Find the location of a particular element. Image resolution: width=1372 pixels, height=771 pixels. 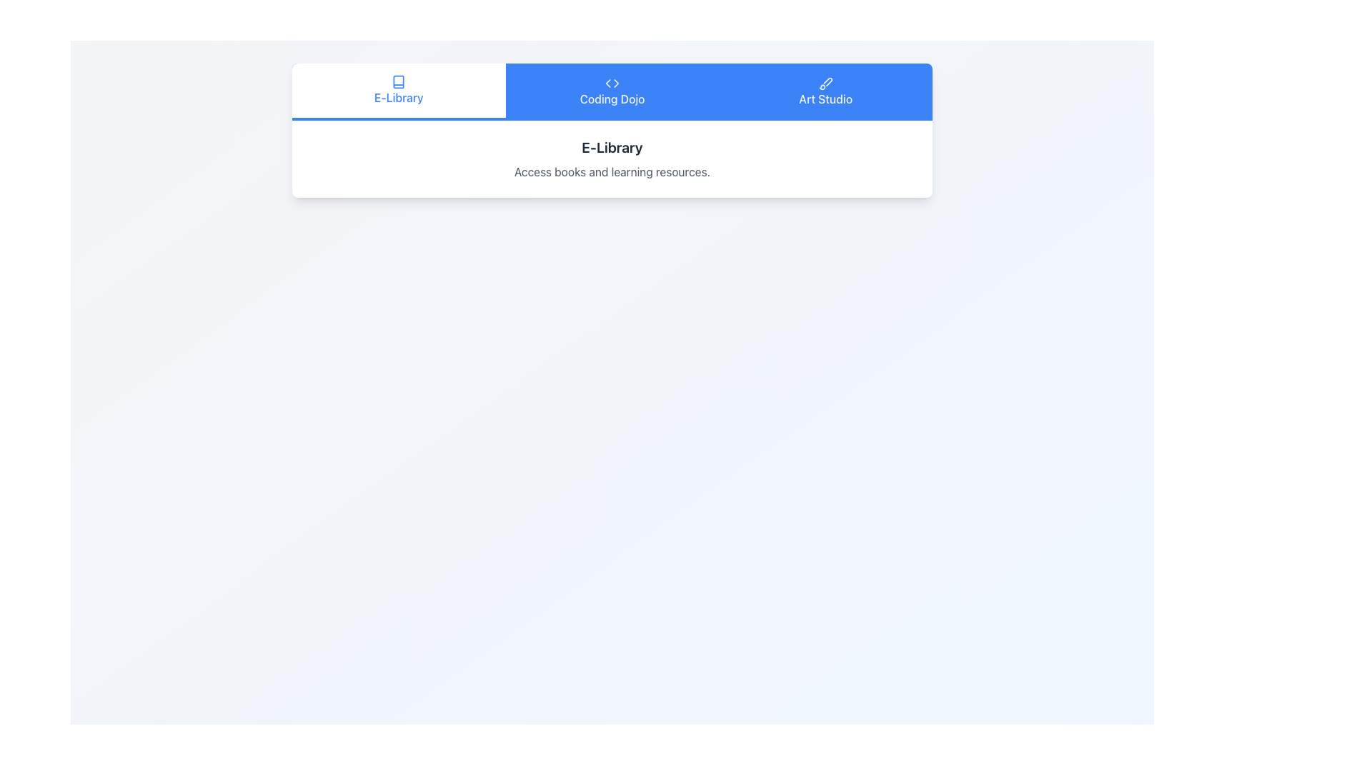

the 'Coding Dojo' icon in the navigation header, which symbolizes coding-related features, located above the 'Coding Dojo' text label is located at coordinates (612, 83).